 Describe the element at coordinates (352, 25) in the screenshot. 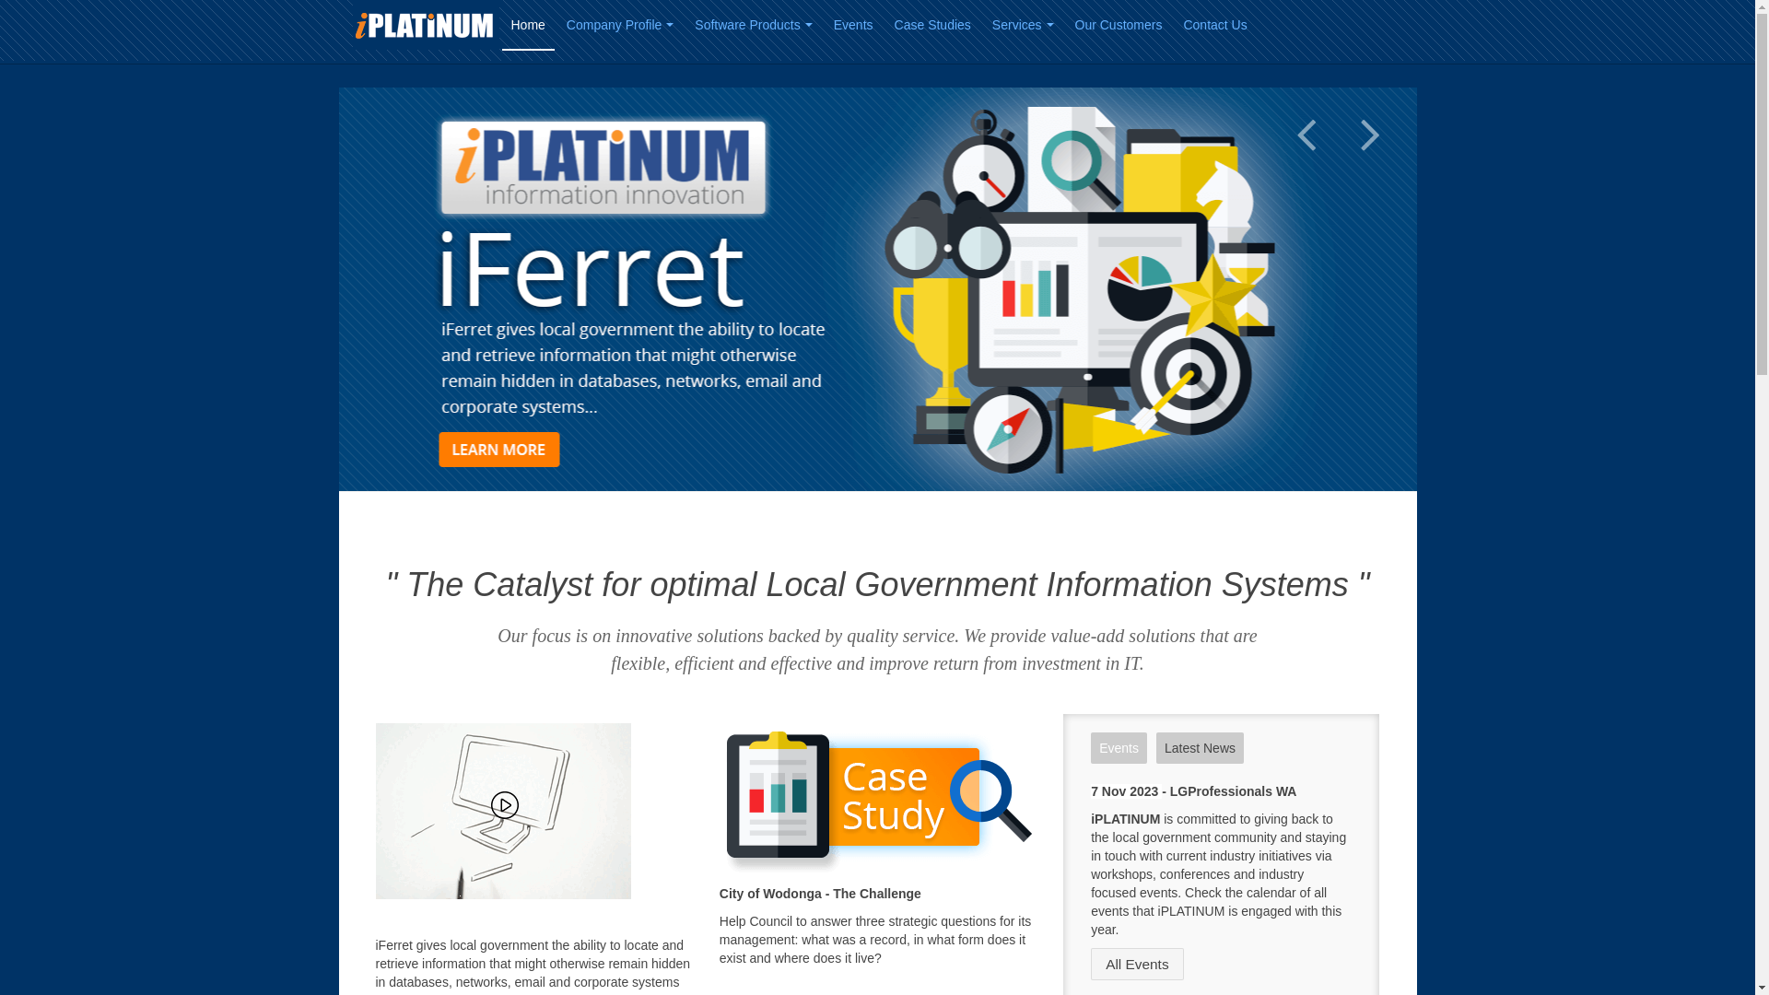

I see `'iPlatinum'` at that location.